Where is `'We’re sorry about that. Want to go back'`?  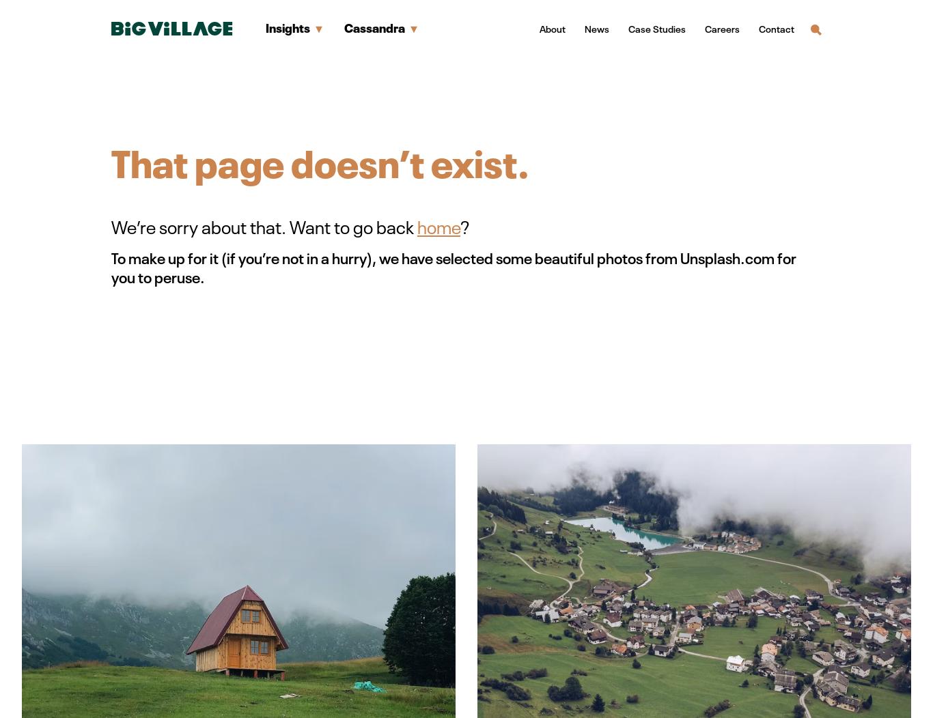 'We’re sorry about that. Want to go back' is located at coordinates (263, 225).